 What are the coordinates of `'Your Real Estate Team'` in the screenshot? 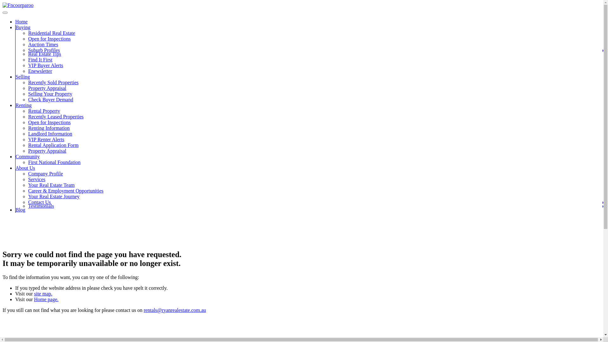 It's located at (51, 185).